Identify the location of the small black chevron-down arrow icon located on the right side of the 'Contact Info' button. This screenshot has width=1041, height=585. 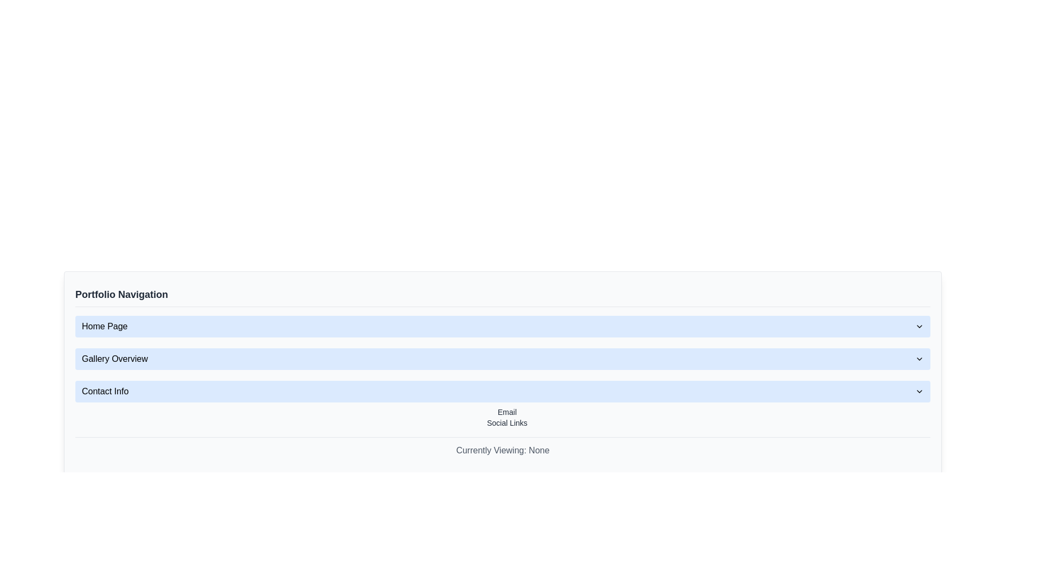
(918, 391).